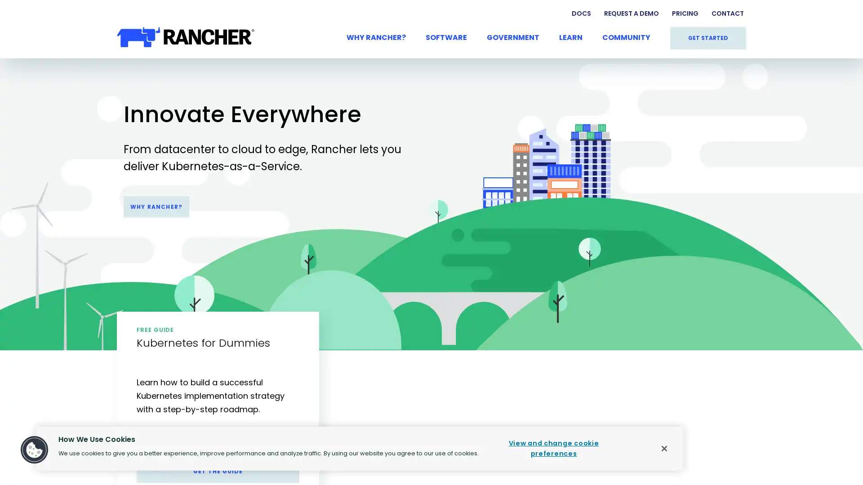  Describe the element at coordinates (34, 450) in the screenshot. I see `Cookies` at that location.